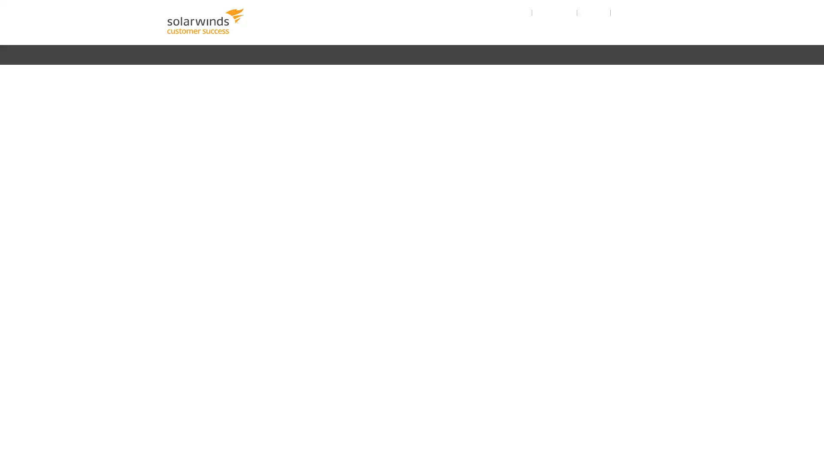 The image size is (824, 463). Describe the element at coordinates (473, 155) in the screenshot. I see `RELEASE NOTES` at that location.